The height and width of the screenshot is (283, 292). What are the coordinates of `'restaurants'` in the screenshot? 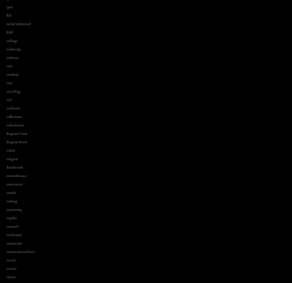 It's located at (14, 243).